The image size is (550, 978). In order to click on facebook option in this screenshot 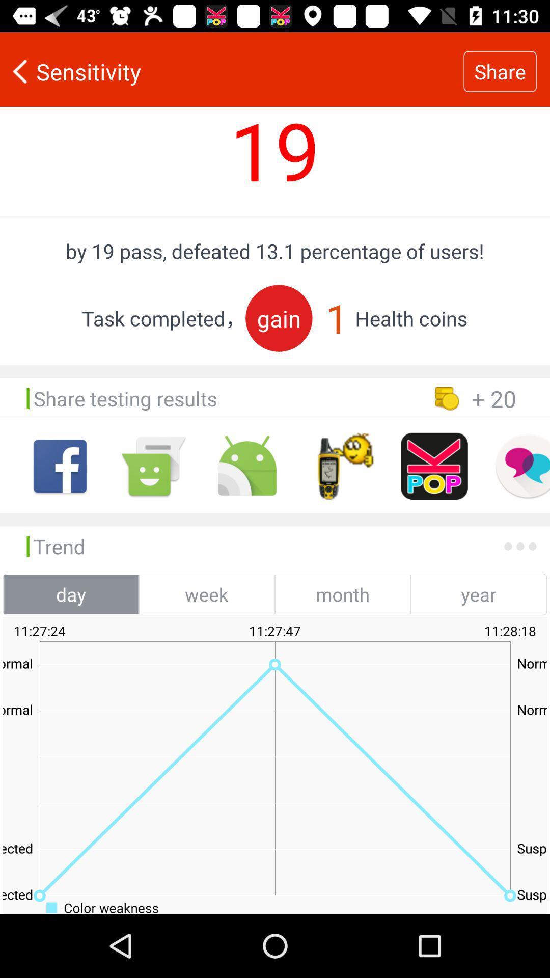, I will do `click(60, 466)`.